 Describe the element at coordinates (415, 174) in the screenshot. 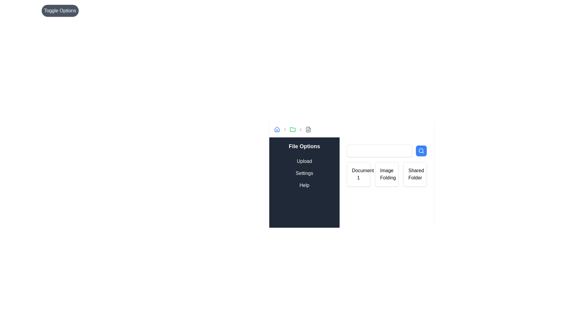

I see `the 'Shared Folder' button` at that location.